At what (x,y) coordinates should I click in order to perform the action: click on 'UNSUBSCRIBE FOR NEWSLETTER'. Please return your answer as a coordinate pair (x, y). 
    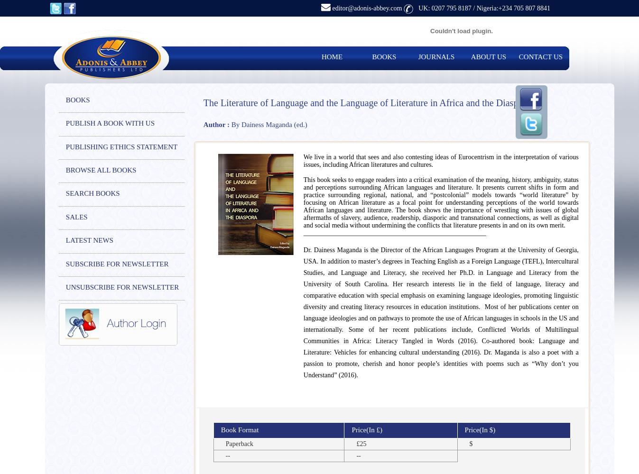
    Looking at the image, I should click on (122, 287).